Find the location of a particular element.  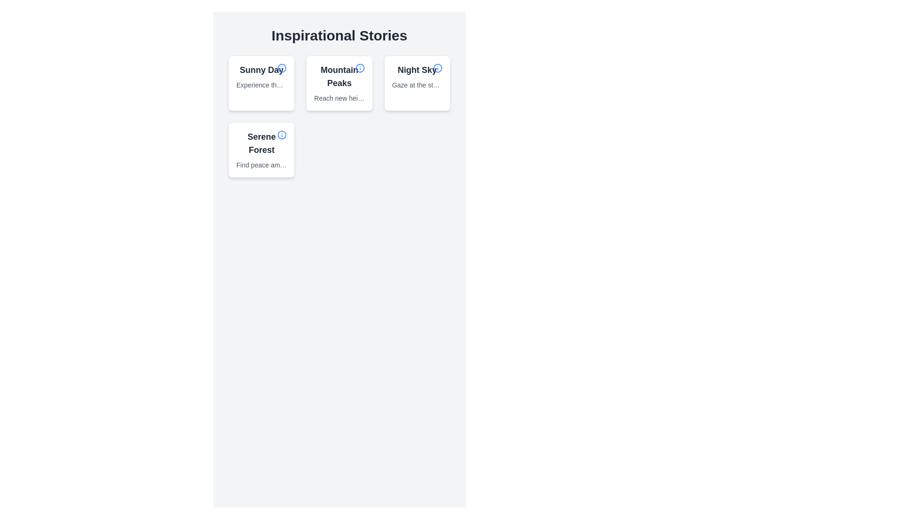

the circular interactive icon with an information symbol located at the top-right corner of the 'Mountain Peaks' card is located at coordinates (359, 68).